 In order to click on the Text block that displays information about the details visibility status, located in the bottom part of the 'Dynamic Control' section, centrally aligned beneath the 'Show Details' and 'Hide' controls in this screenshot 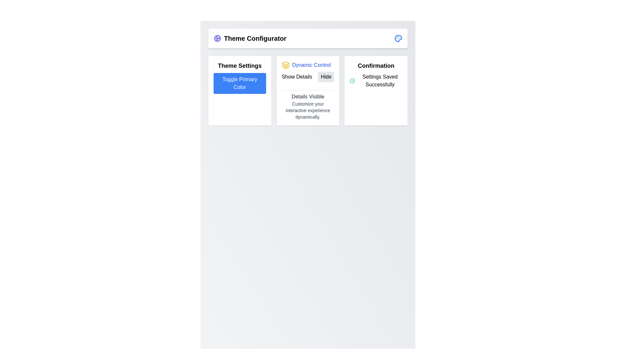, I will do `click(307, 105)`.